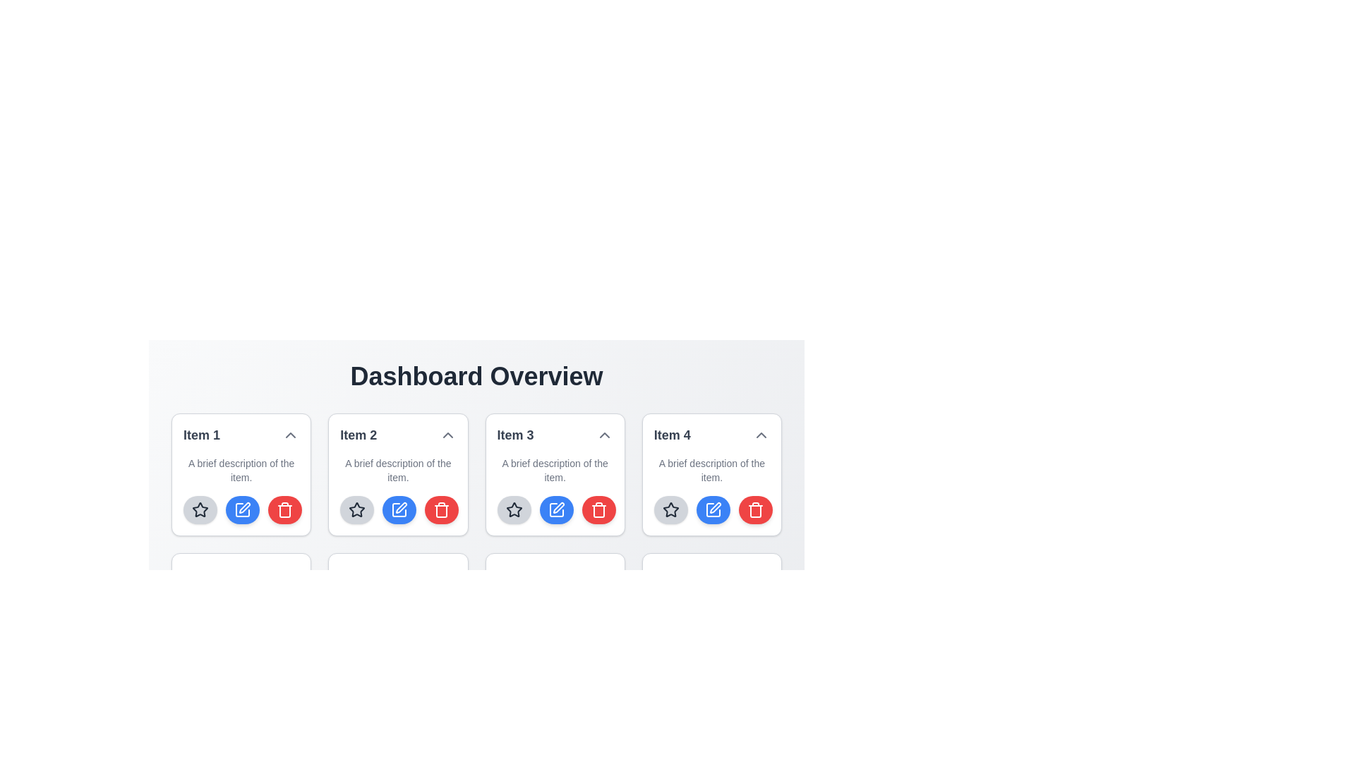  What do you see at coordinates (711, 471) in the screenshot?
I see `the static text element containing the sentence 'A brief description of the item.' which is styled in gray color and positioned below the title section of the card labeled 'Item 4'` at bounding box center [711, 471].